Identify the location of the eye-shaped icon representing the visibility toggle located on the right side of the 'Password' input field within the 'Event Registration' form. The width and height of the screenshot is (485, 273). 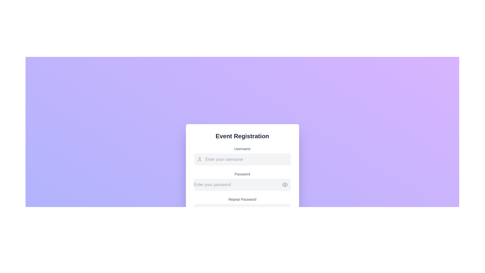
(285, 185).